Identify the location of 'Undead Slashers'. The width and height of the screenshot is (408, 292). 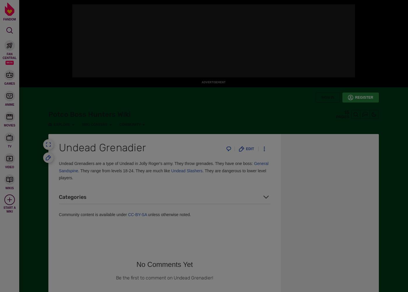
(187, 170).